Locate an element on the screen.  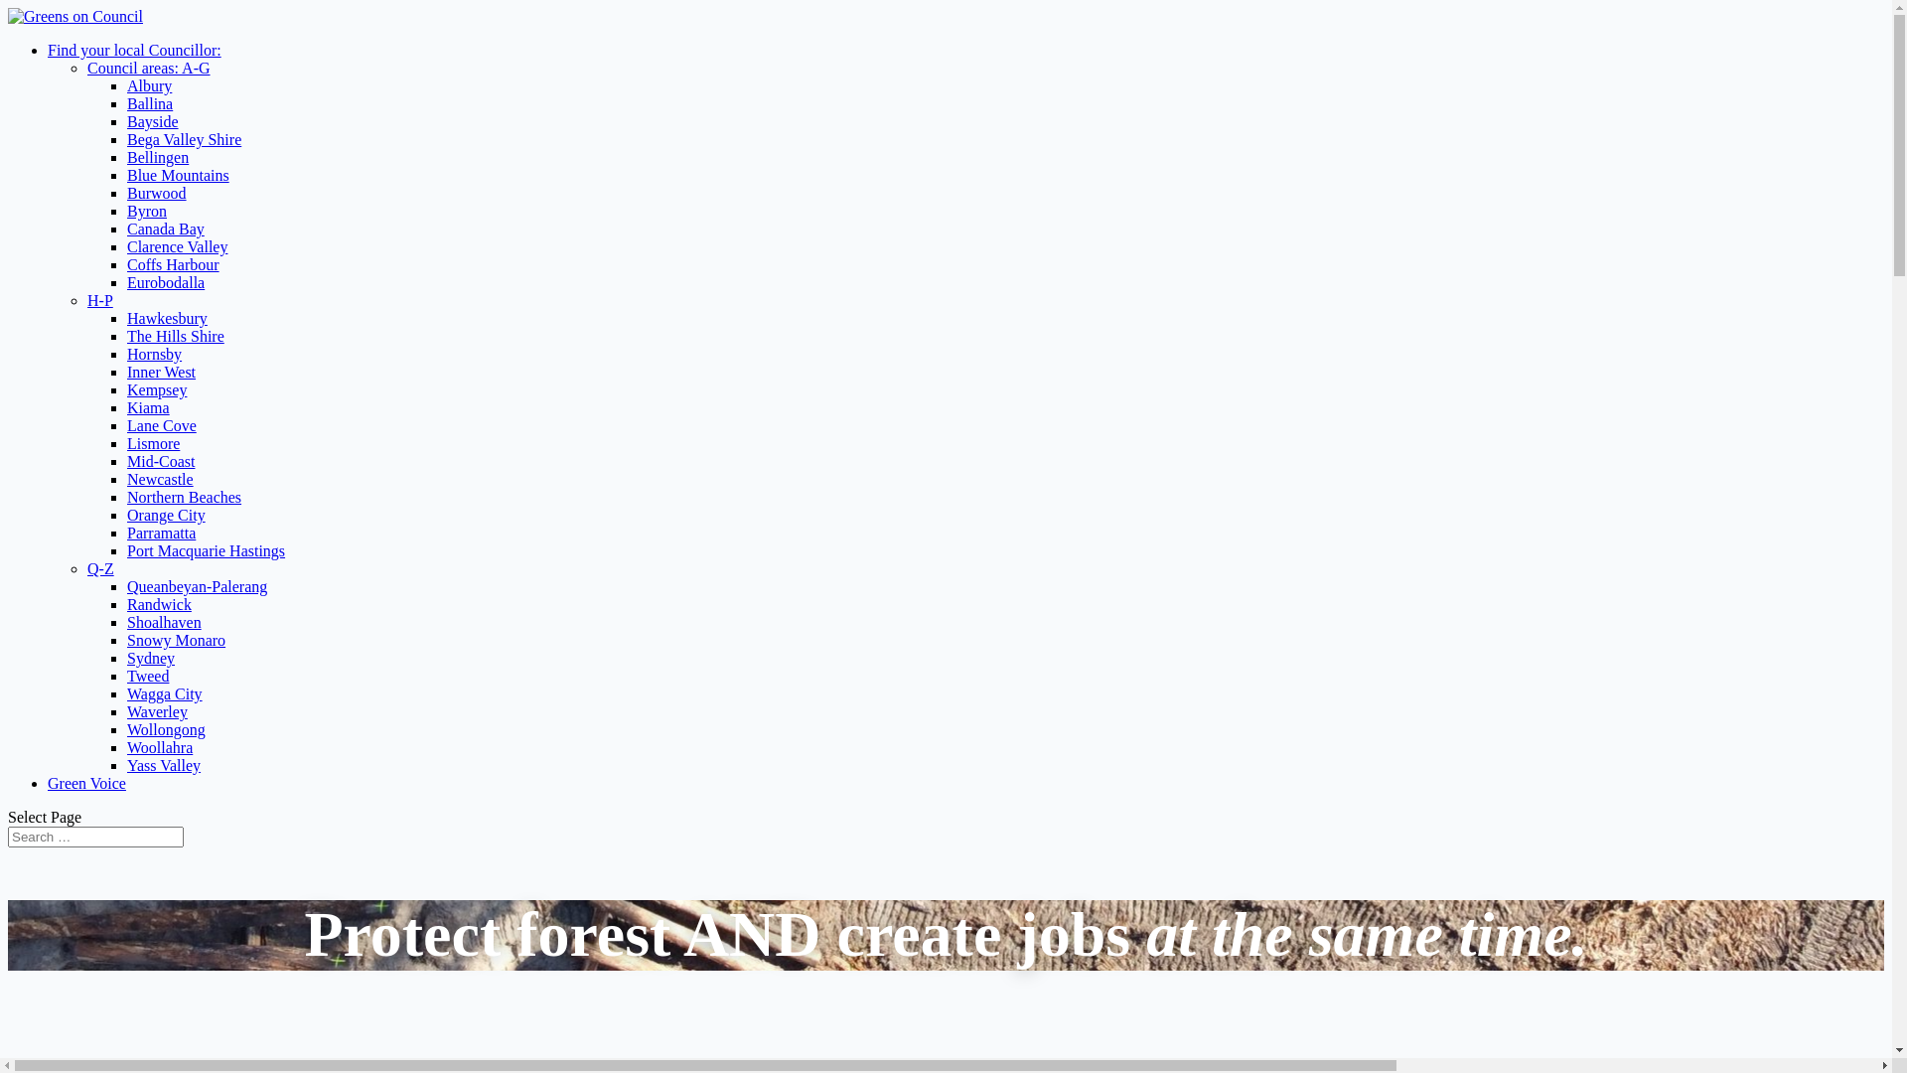
'Waverley' is located at coordinates (126, 710).